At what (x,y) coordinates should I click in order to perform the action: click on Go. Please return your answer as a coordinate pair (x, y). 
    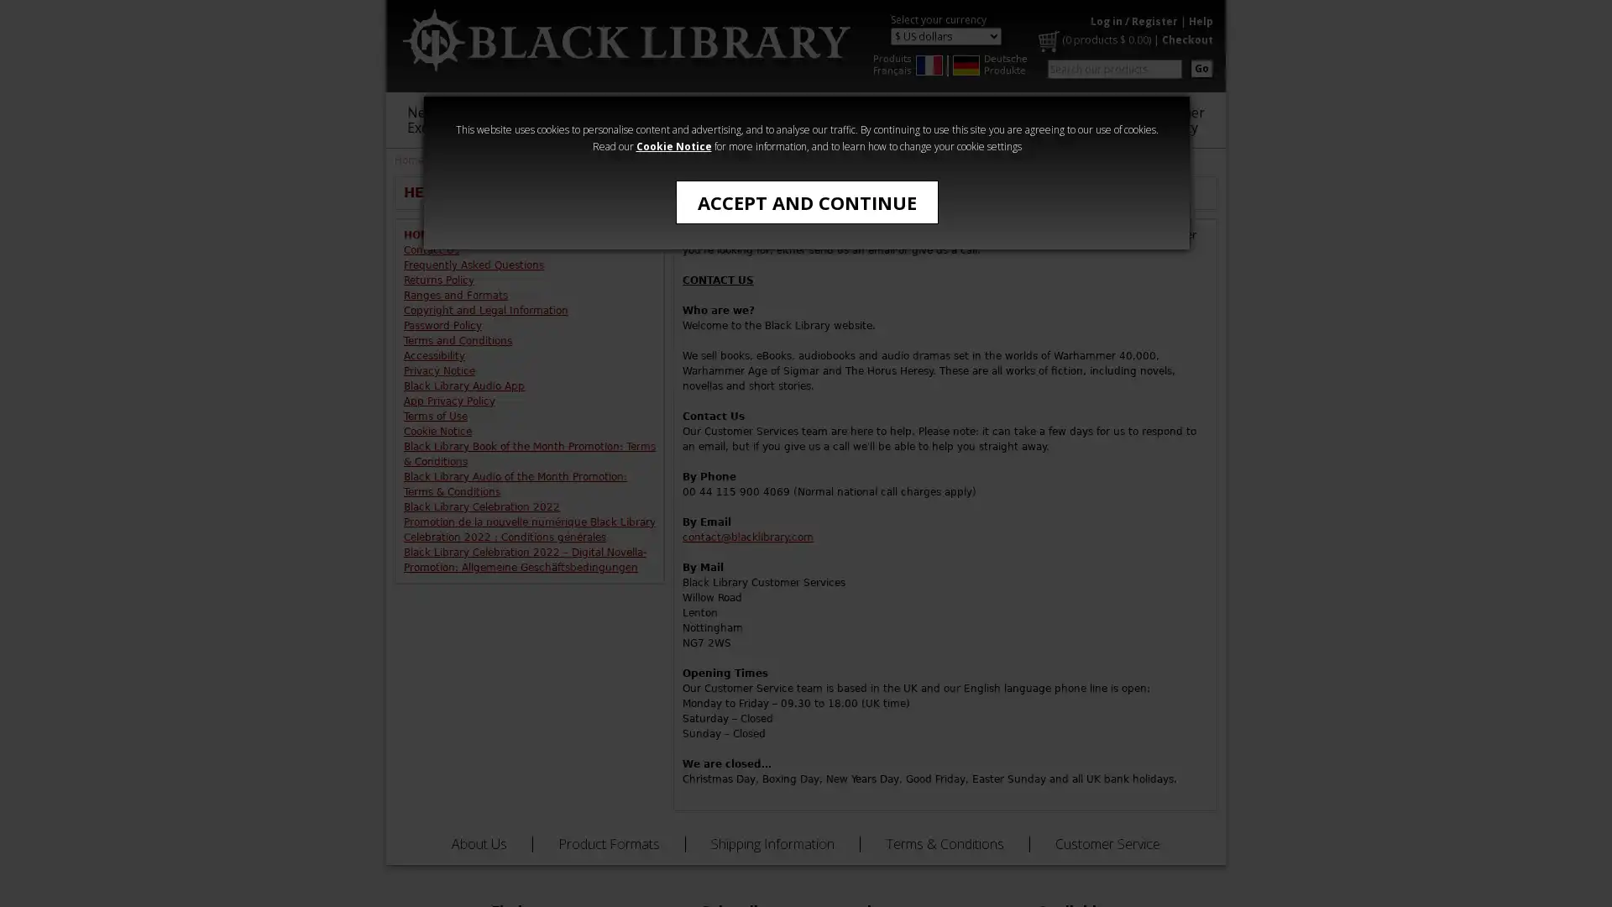
    Looking at the image, I should click on (1201, 67).